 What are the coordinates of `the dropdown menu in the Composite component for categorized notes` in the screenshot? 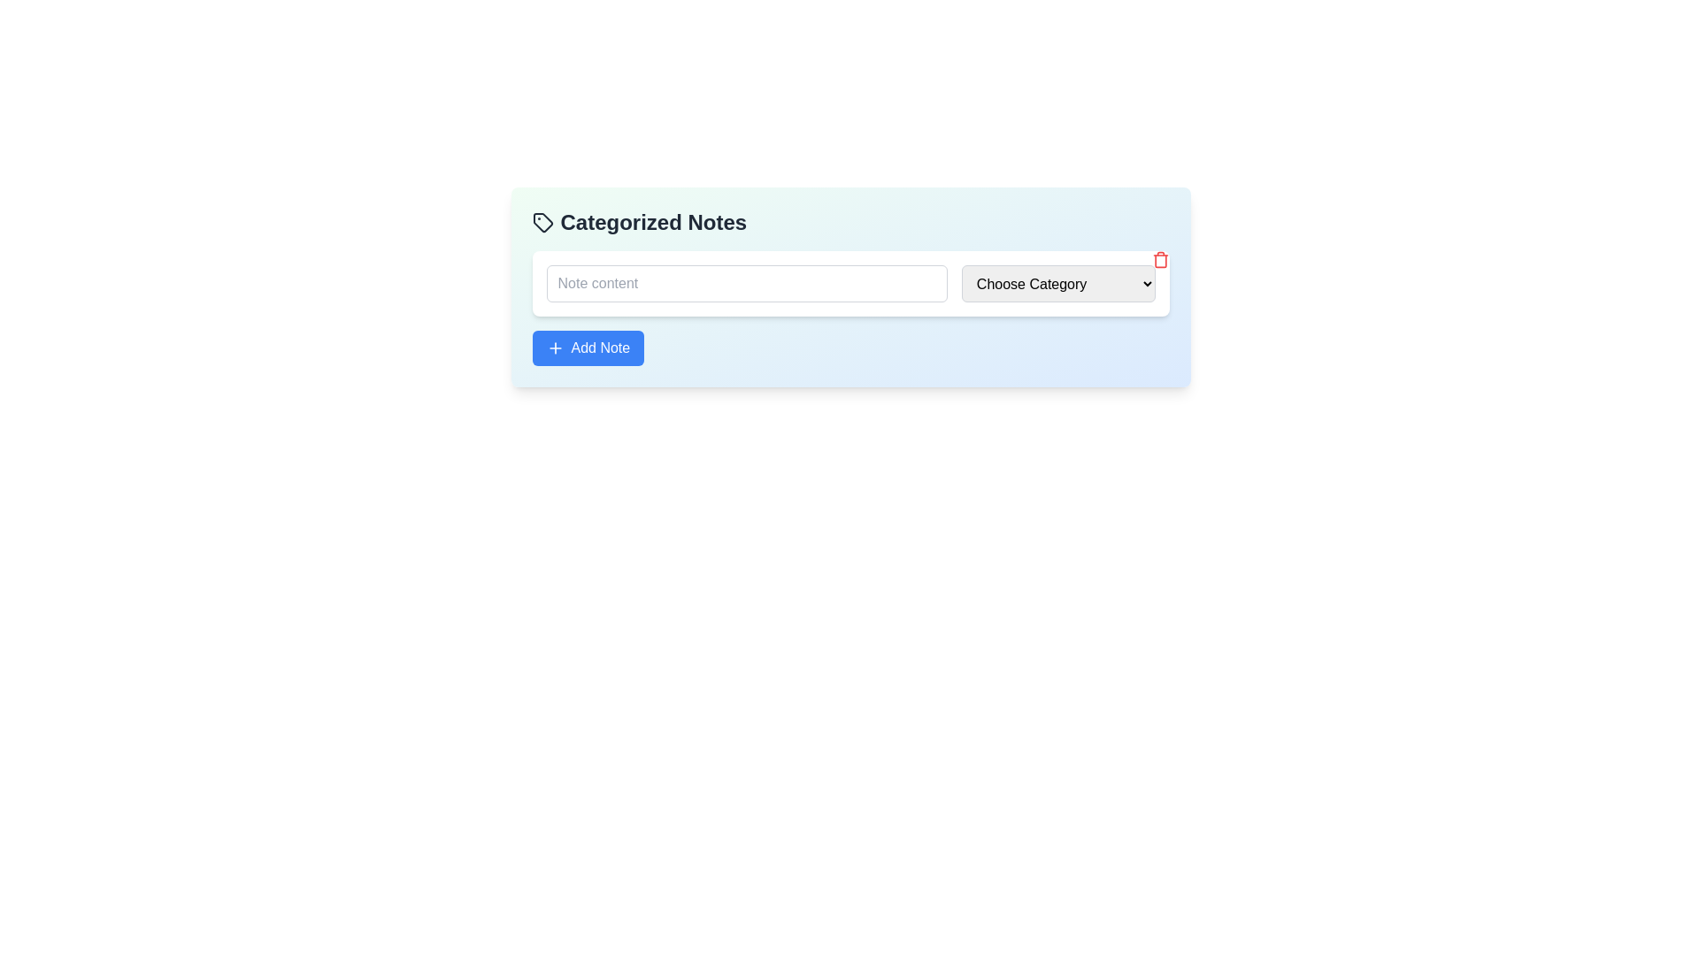 It's located at (850, 307).